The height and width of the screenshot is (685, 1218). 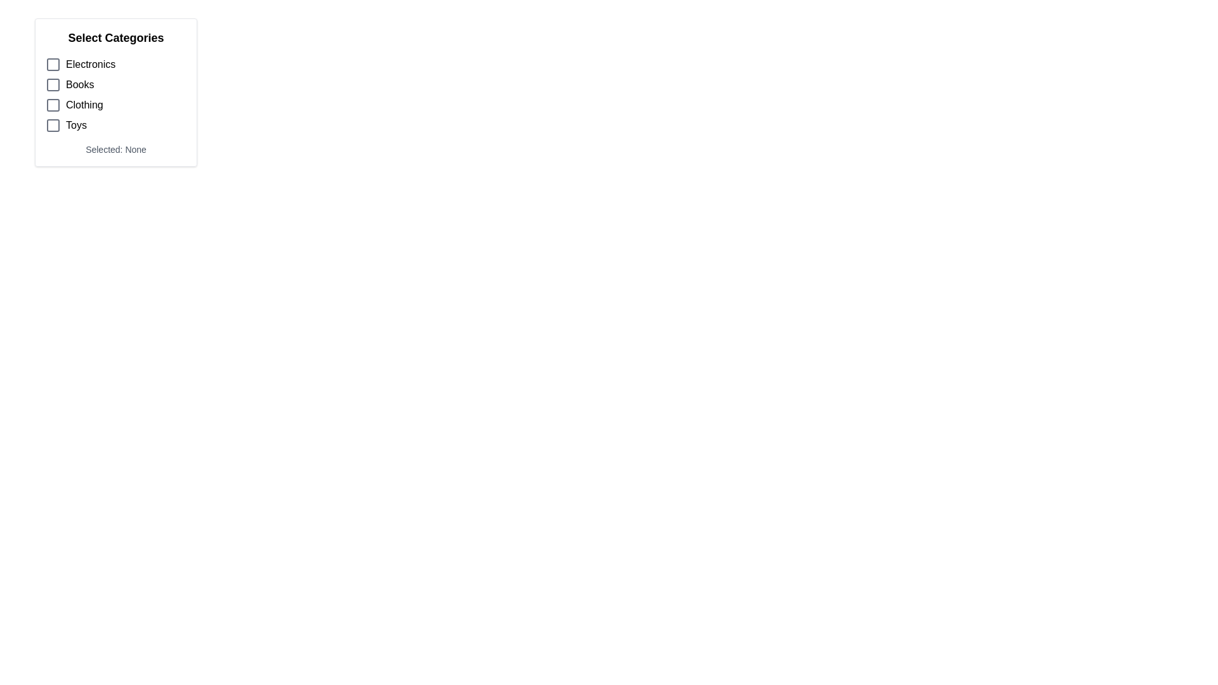 I want to click on on the checkbox indicator for the 'Clothing' option in the 'Select Categories' section, so click(x=52, y=104).